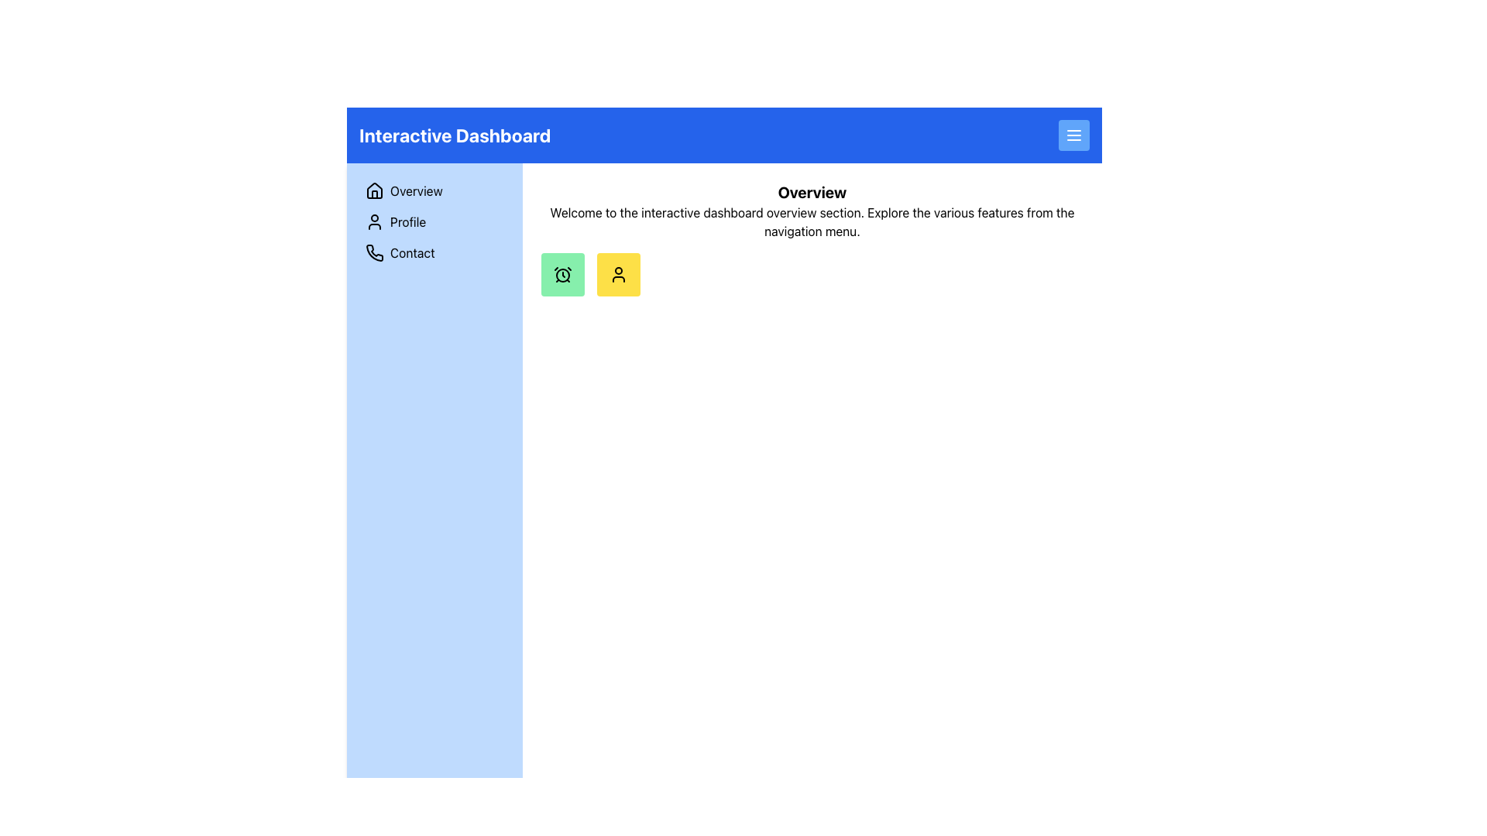  What do you see at coordinates (811, 192) in the screenshot?
I see `the Header or Title Text of the 'Overview' section, which is centrally aligned and positioned above the descriptive text` at bounding box center [811, 192].